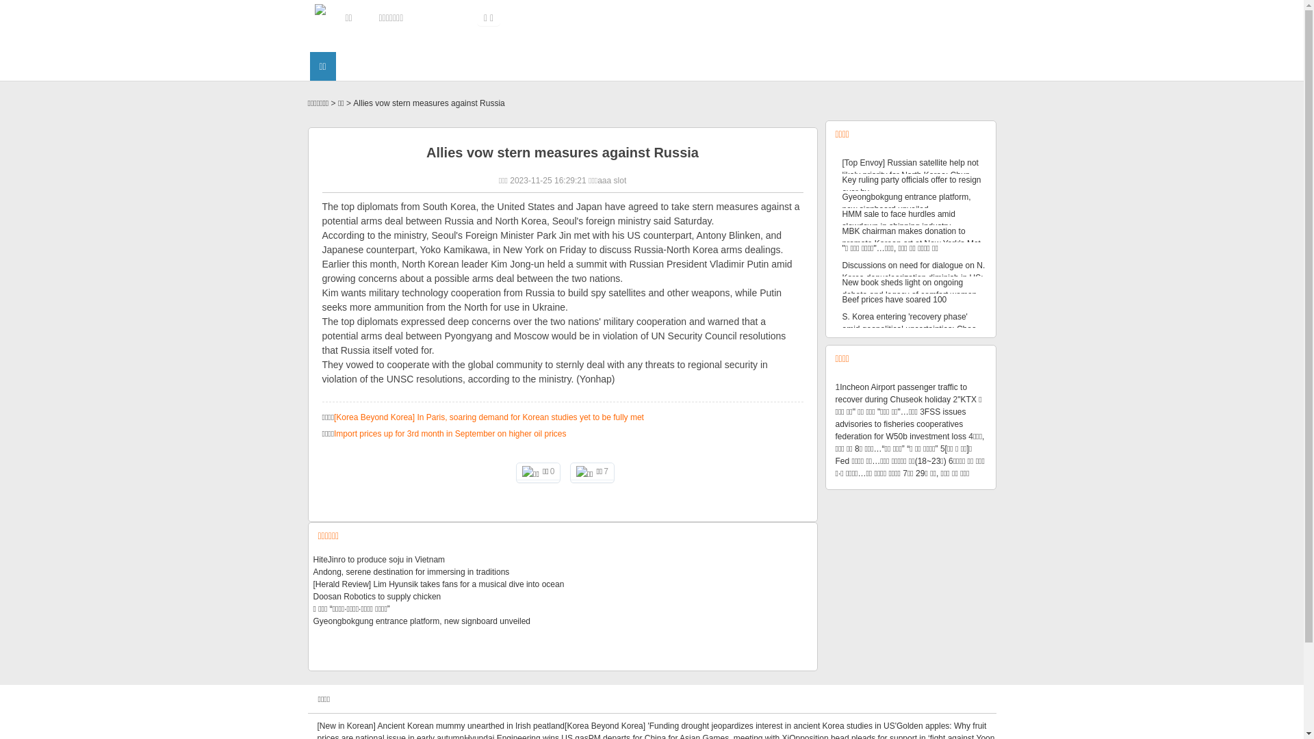  I want to click on 'HMM sale to face hurdles amid slowdown in shipping industry', so click(898, 219).